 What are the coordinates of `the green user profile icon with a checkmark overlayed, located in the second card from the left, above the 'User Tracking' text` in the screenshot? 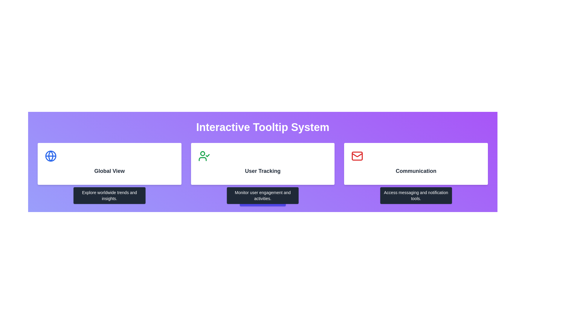 It's located at (204, 156).